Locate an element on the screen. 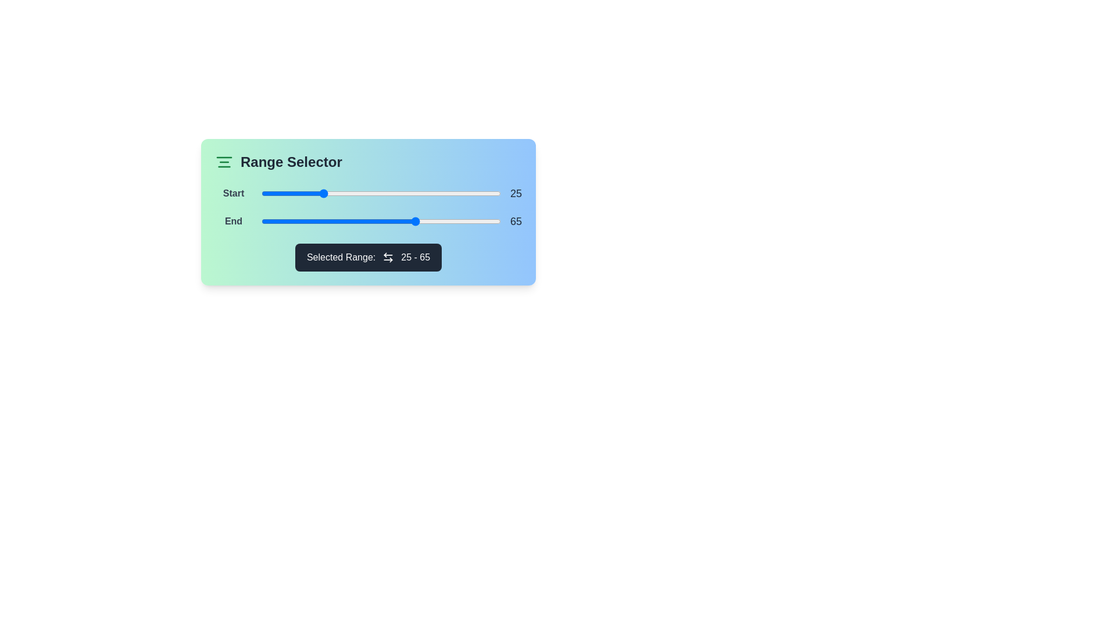  the end range slider to 86 by dragging it to the desired position is located at coordinates (467, 222).